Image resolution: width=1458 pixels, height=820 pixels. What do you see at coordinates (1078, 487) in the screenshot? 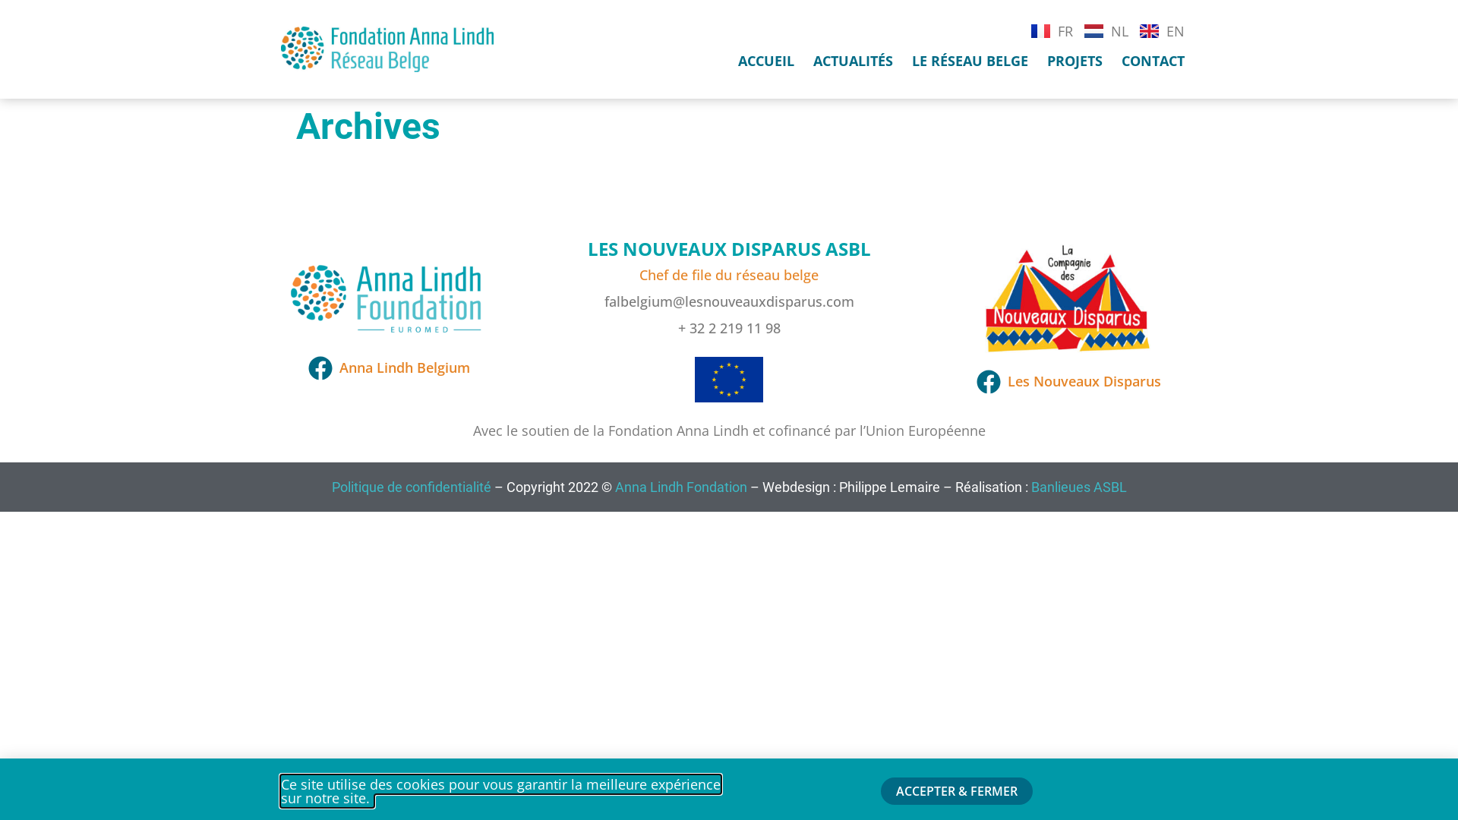
I see `'Banlieues ASBL'` at bounding box center [1078, 487].